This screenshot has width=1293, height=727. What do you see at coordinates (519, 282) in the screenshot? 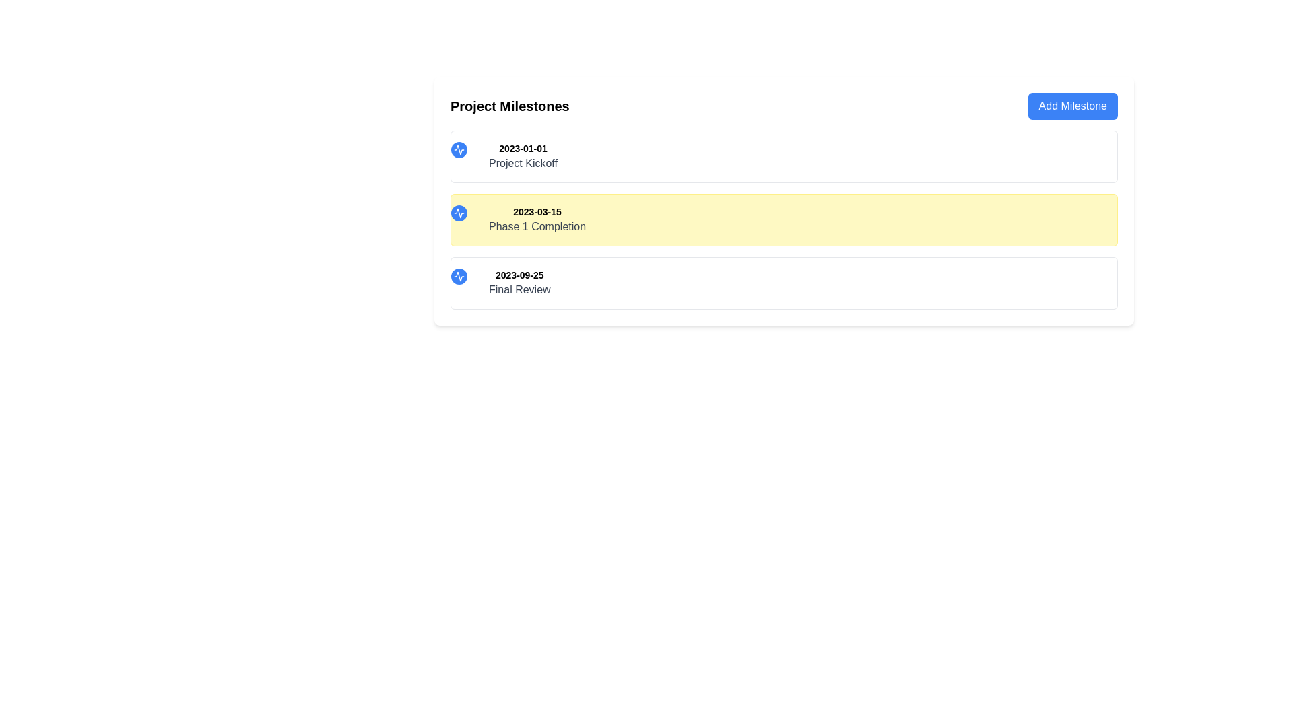
I see `the 'Final Review' milestone text display in the 'Project Milestones' list, which shows the date '2023-09-25'` at bounding box center [519, 282].